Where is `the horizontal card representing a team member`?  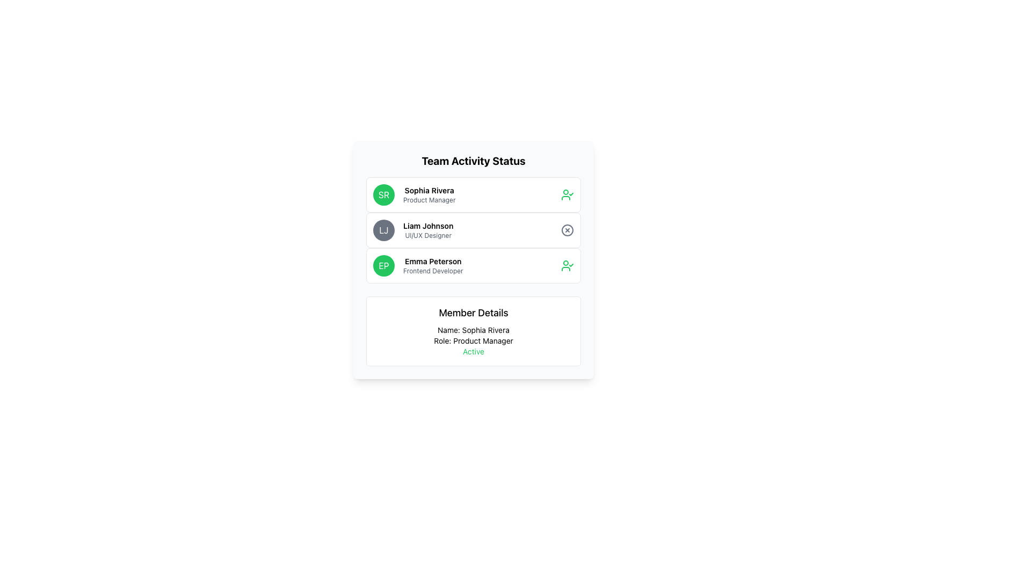
the horizontal card representing a team member is located at coordinates (473, 229).